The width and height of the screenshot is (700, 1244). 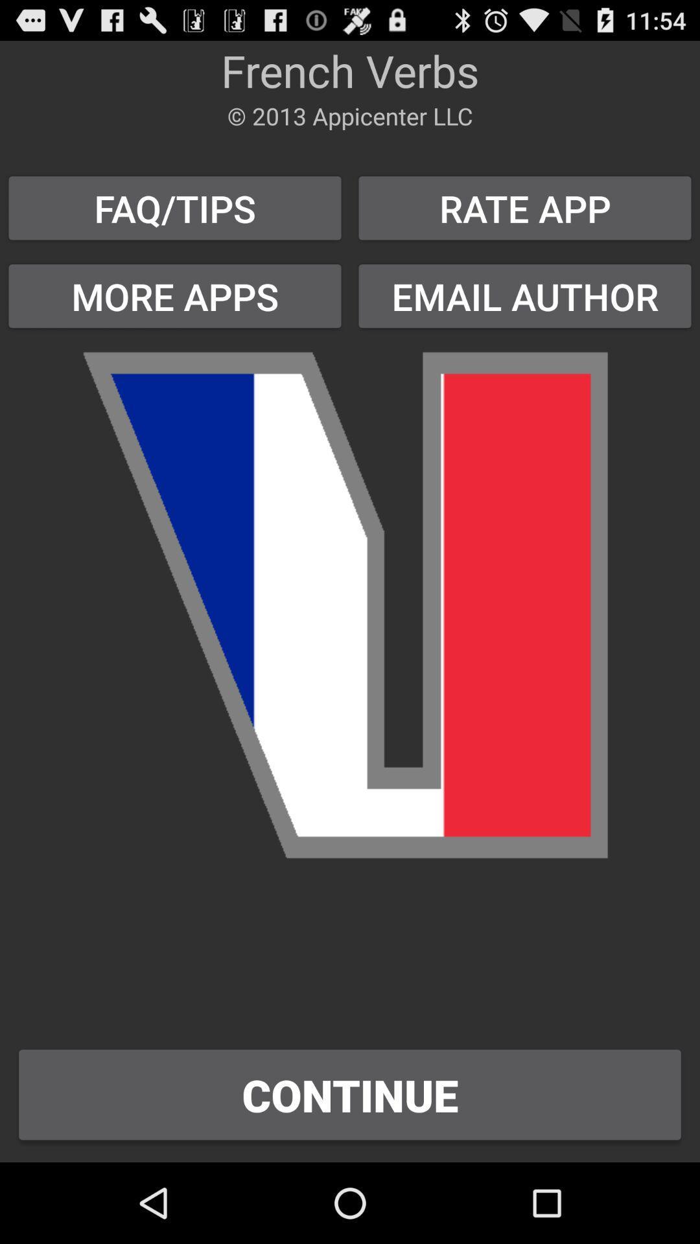 What do you see at coordinates (350, 1094) in the screenshot?
I see `the continue item` at bounding box center [350, 1094].